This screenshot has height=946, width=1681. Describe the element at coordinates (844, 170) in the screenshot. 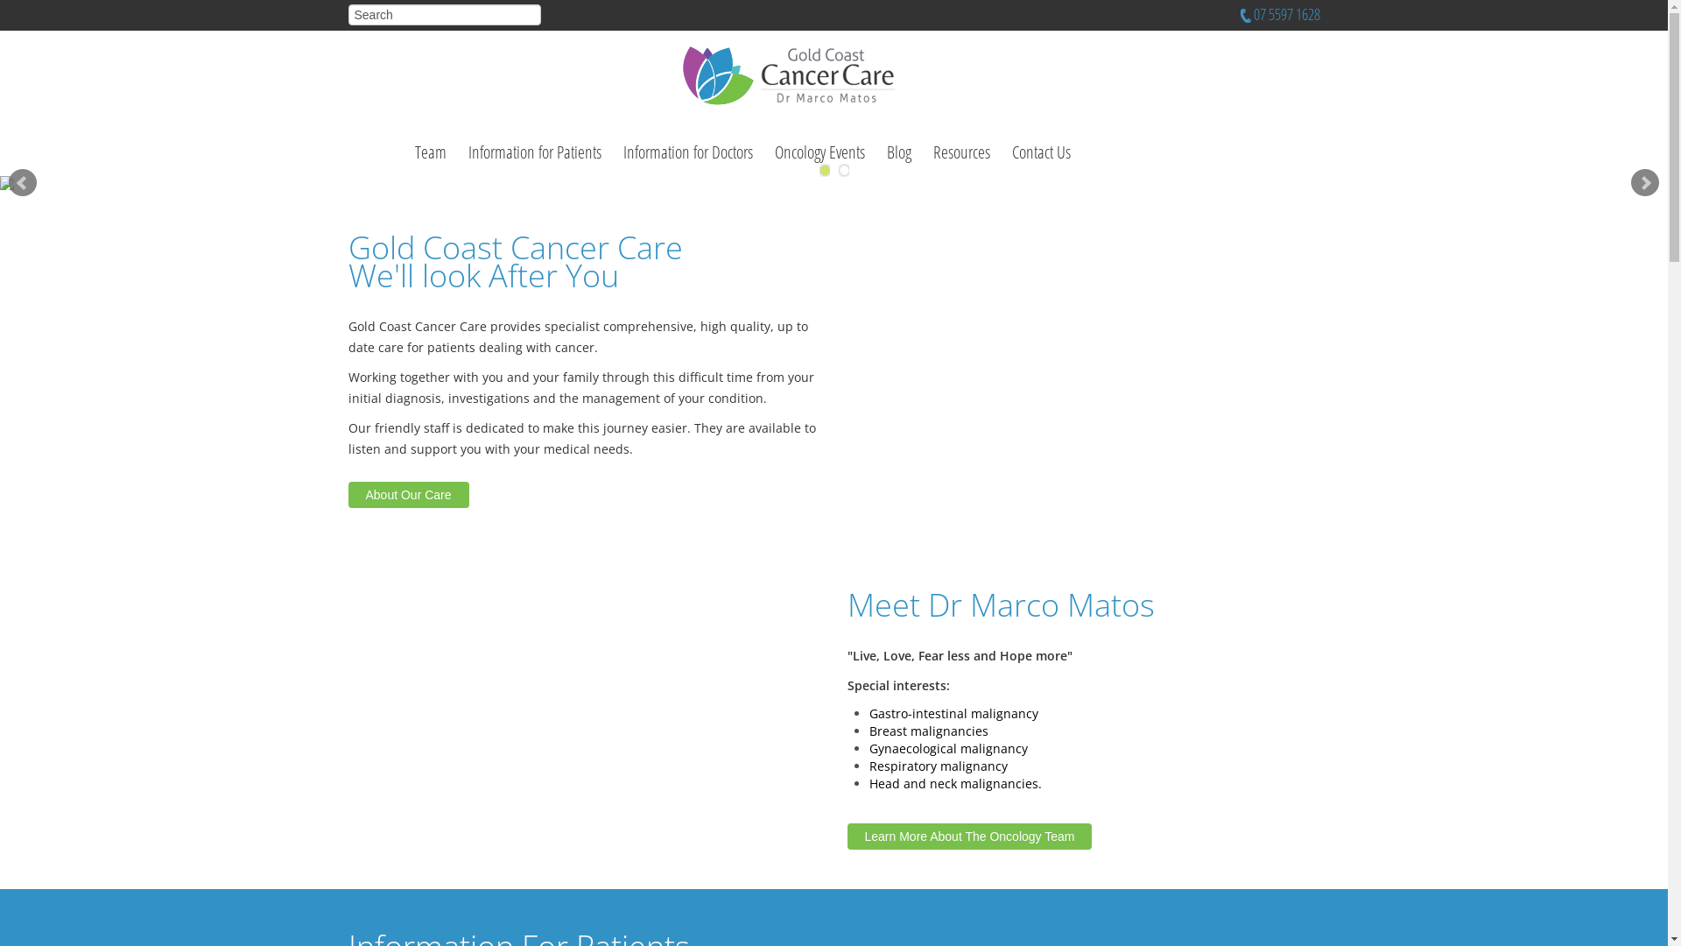

I see `'2'` at that location.